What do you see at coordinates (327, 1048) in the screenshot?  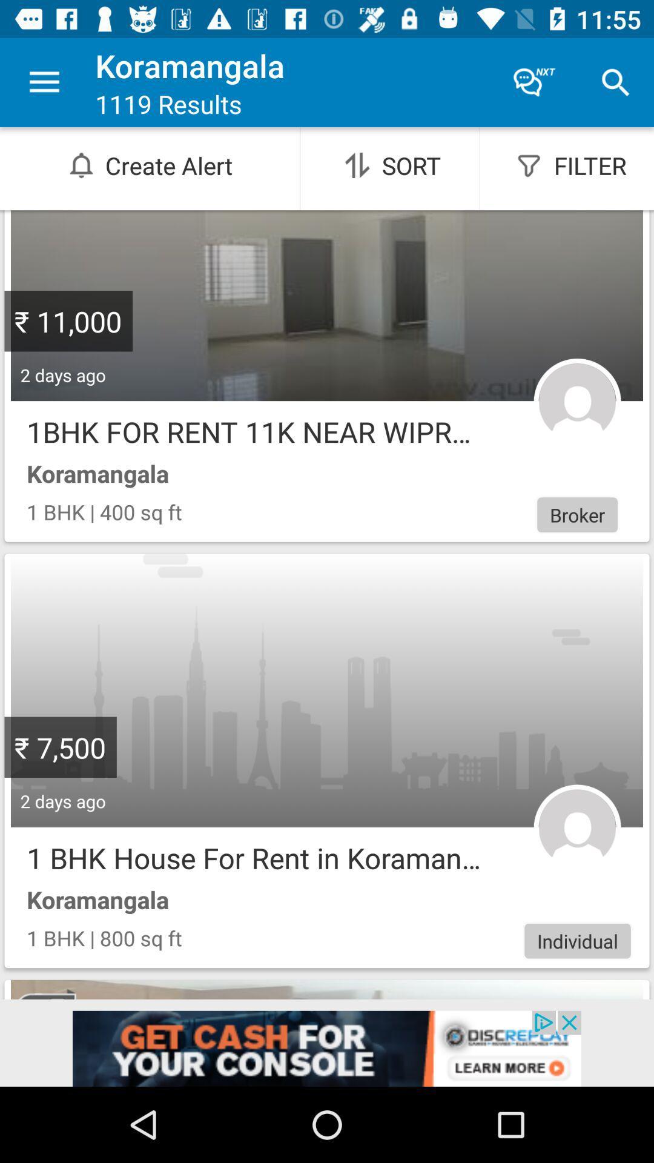 I see `advertisement link` at bounding box center [327, 1048].